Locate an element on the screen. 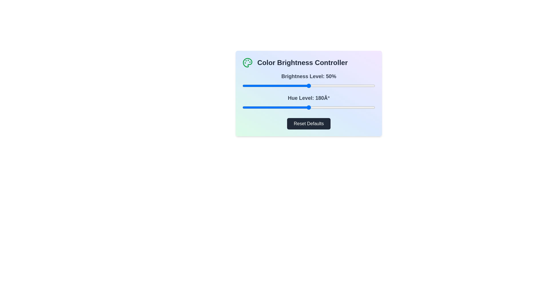 The width and height of the screenshot is (549, 308). 'Reset Defaults' button to revert the component to its default values is located at coordinates (309, 123).